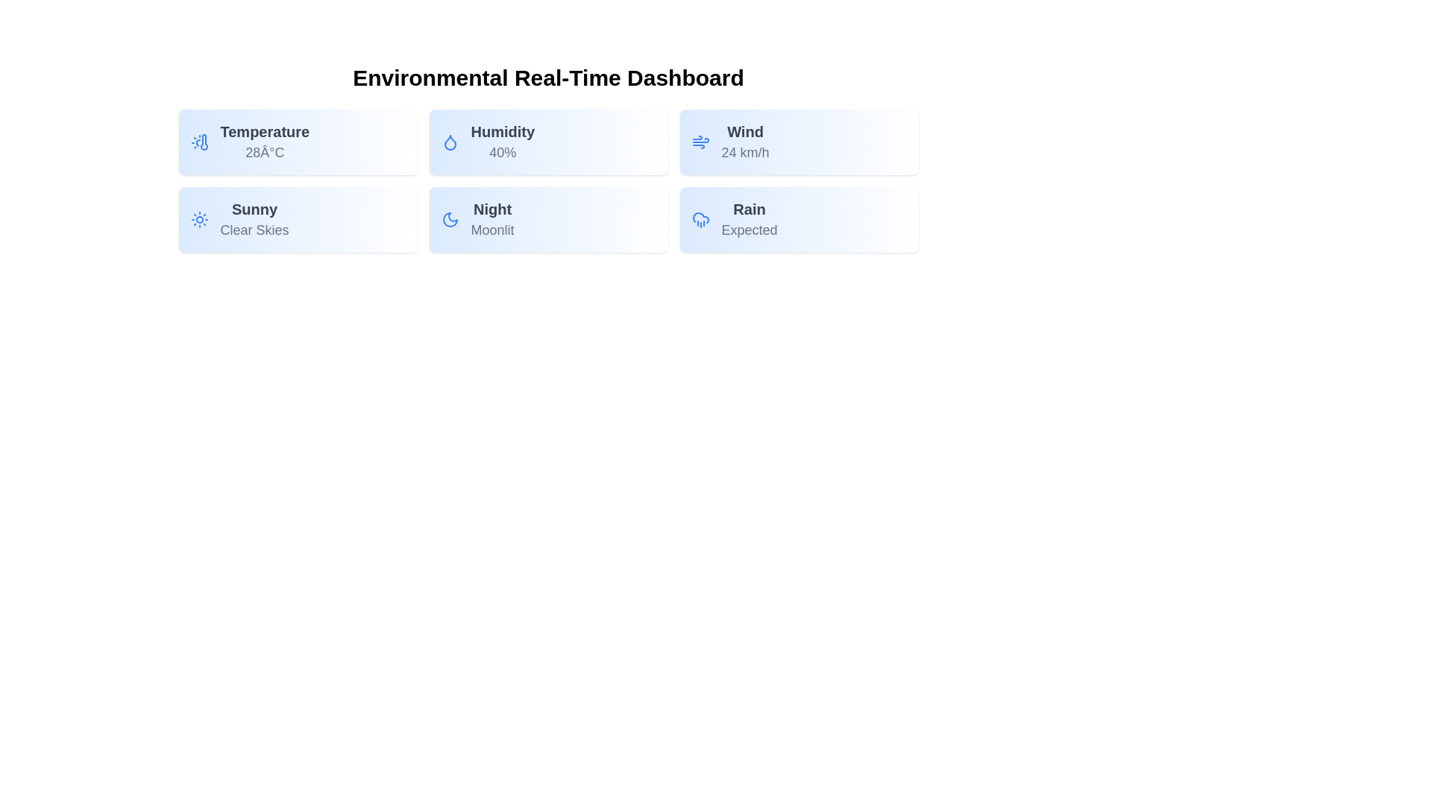 The image size is (1432, 805). Describe the element at coordinates (298, 142) in the screenshot. I see `temperature value displayed in the informational widget which shows 'Temperature' and '28°C' with a blue thermometer icon on the left` at that location.